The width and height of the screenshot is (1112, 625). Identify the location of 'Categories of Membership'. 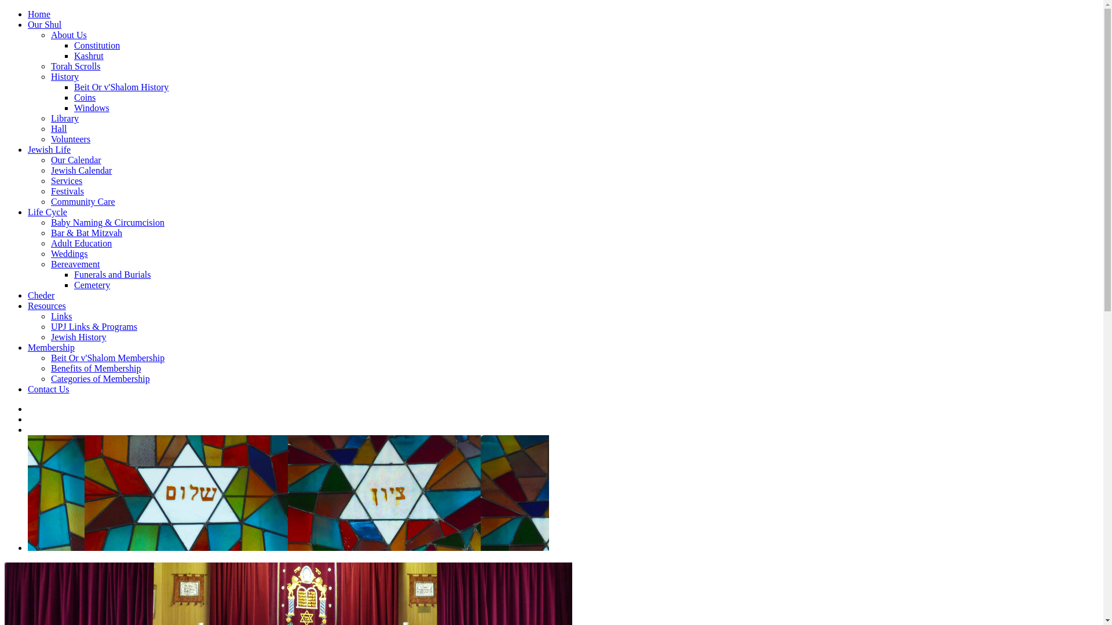
(100, 378).